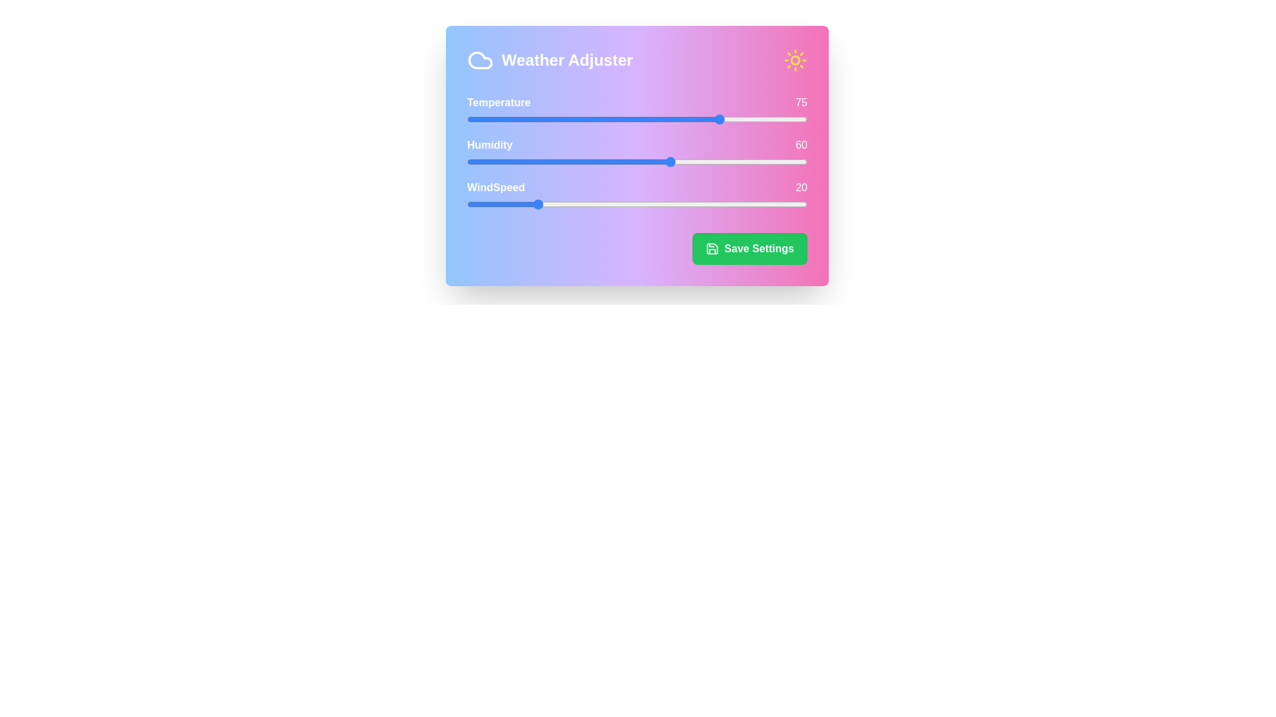 The height and width of the screenshot is (717, 1276). I want to click on the humidity value, so click(510, 161).